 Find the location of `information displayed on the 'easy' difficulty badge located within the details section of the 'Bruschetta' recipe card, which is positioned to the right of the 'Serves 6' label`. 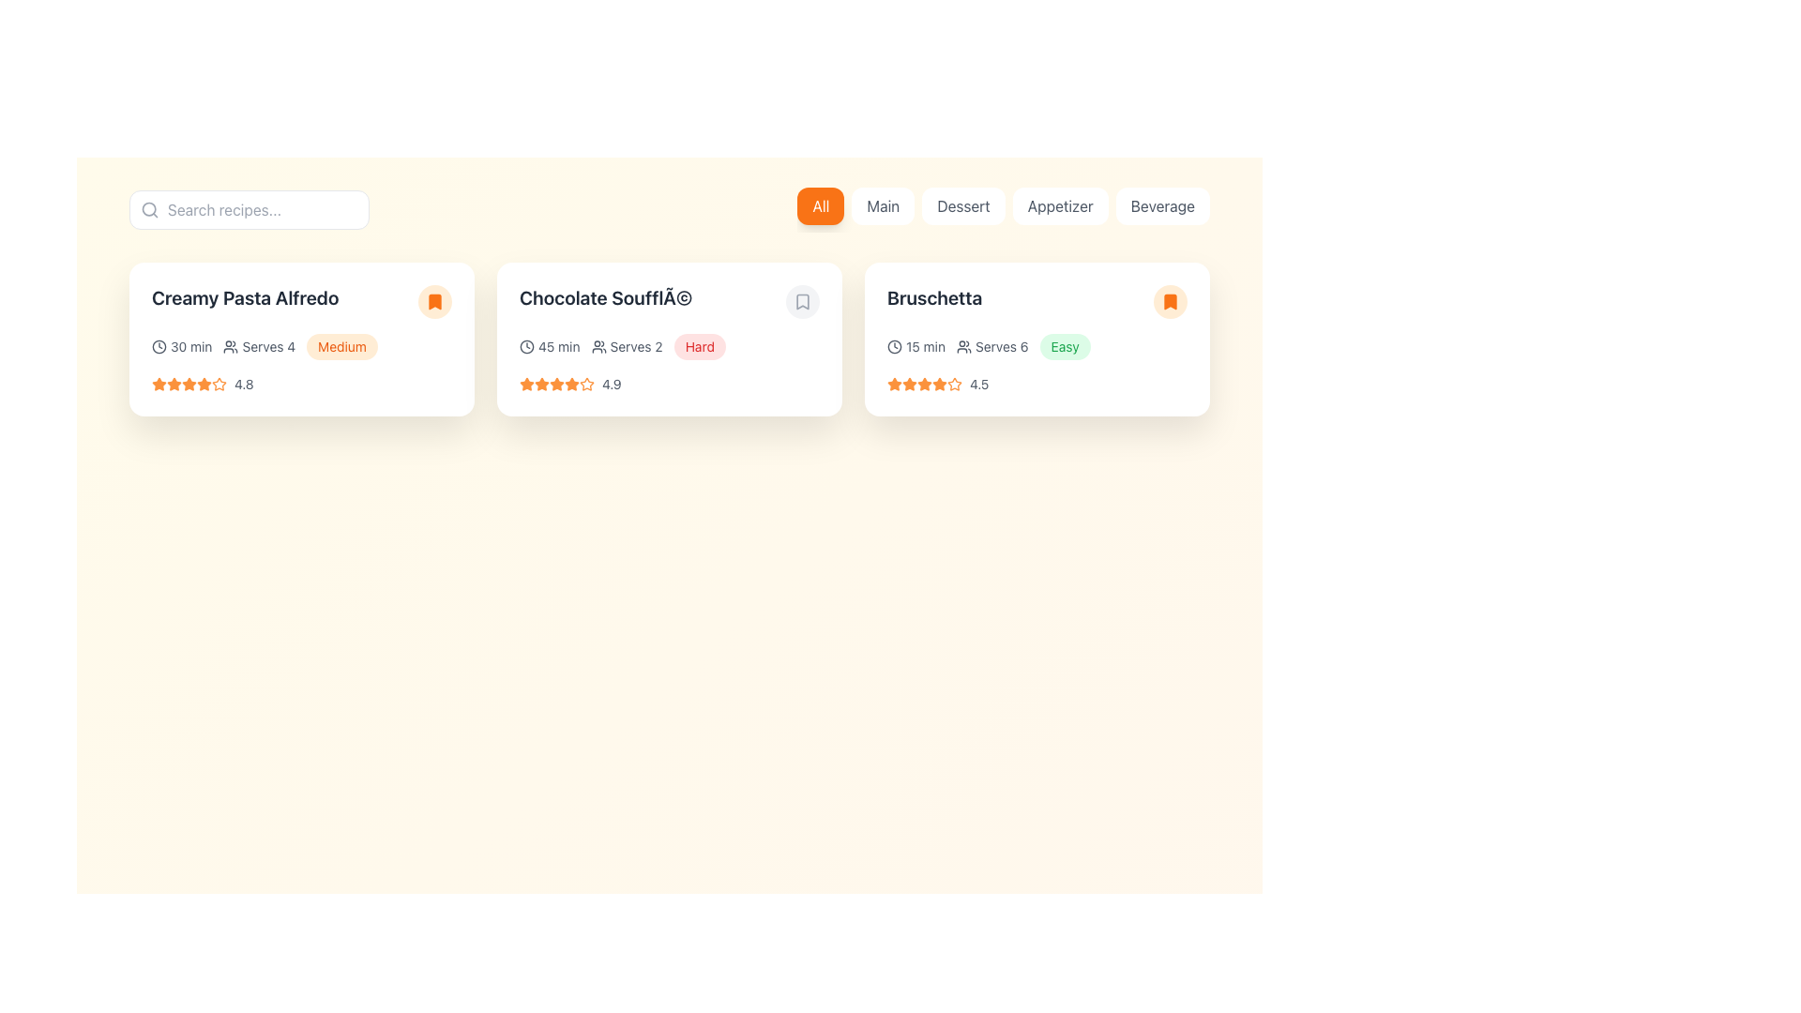

information displayed on the 'easy' difficulty badge located within the details section of the 'Bruschetta' recipe card, which is positioned to the right of the 'Serves 6' label is located at coordinates (1065, 347).